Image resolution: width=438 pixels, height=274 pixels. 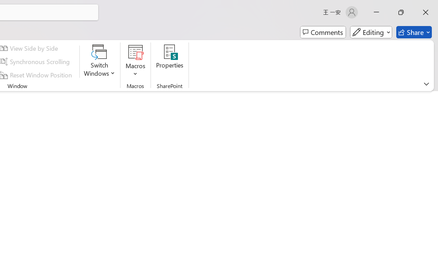 What do you see at coordinates (136, 61) in the screenshot?
I see `'Macros'` at bounding box center [136, 61].